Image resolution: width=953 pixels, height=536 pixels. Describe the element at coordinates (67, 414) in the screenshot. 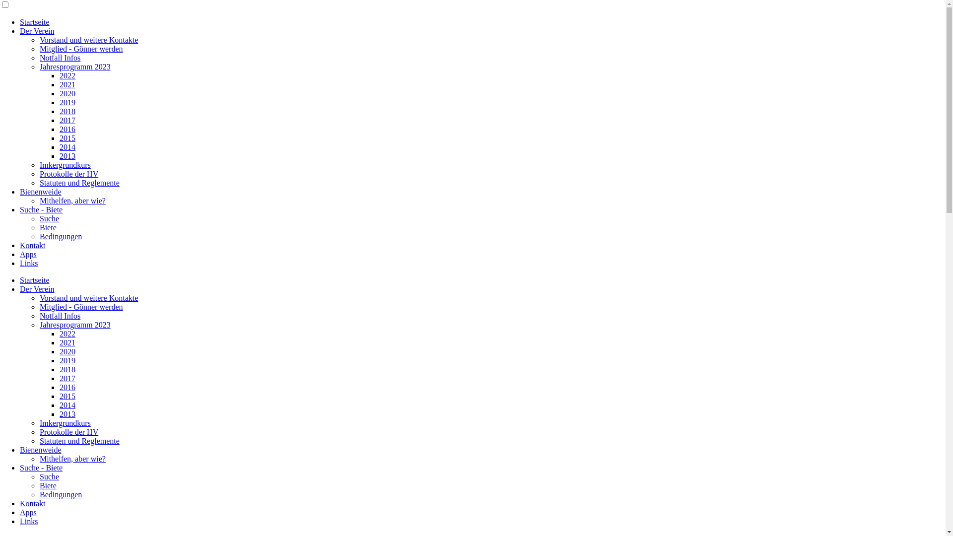

I see `'2013'` at that location.